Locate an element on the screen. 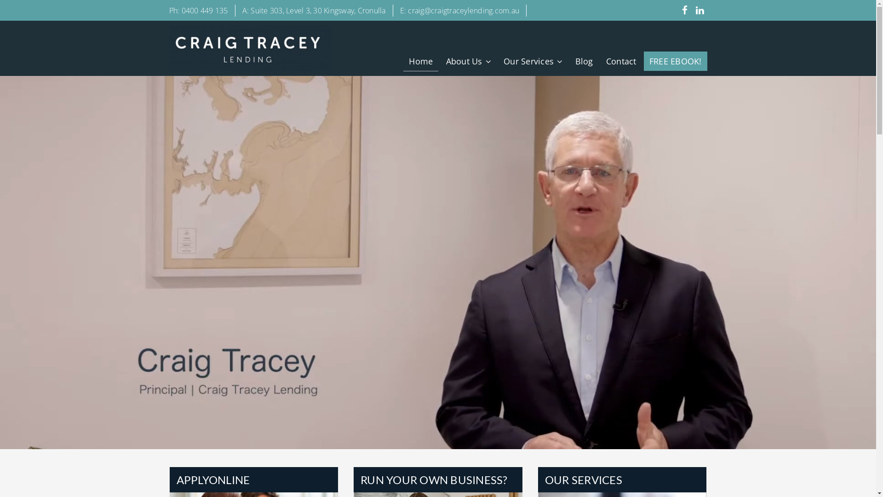  'Contact' is located at coordinates (600, 61).